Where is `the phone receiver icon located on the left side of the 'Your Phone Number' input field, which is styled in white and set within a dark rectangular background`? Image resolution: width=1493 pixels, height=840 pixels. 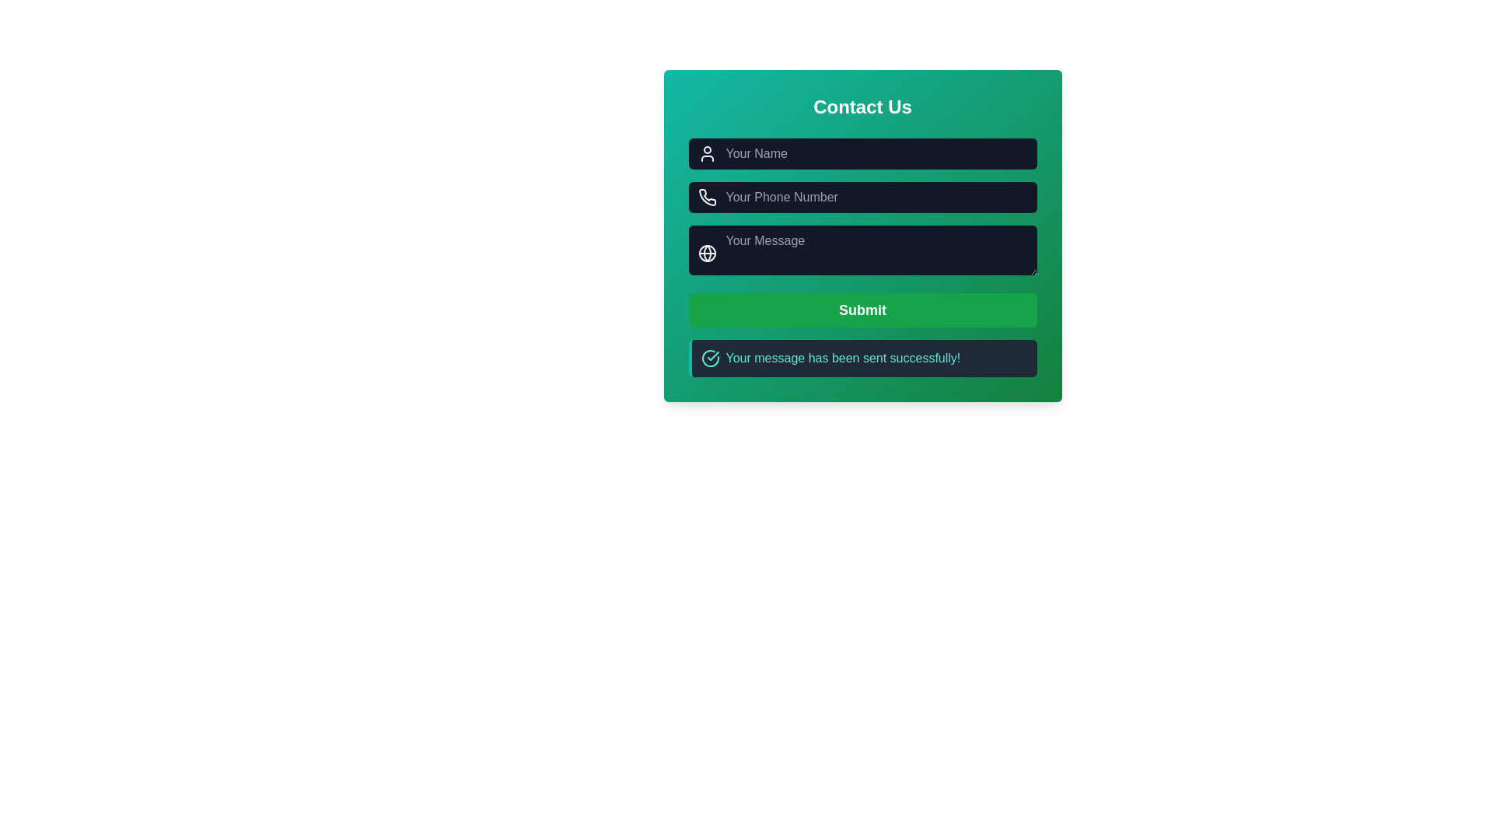 the phone receiver icon located on the left side of the 'Your Phone Number' input field, which is styled in white and set within a dark rectangular background is located at coordinates (706, 196).